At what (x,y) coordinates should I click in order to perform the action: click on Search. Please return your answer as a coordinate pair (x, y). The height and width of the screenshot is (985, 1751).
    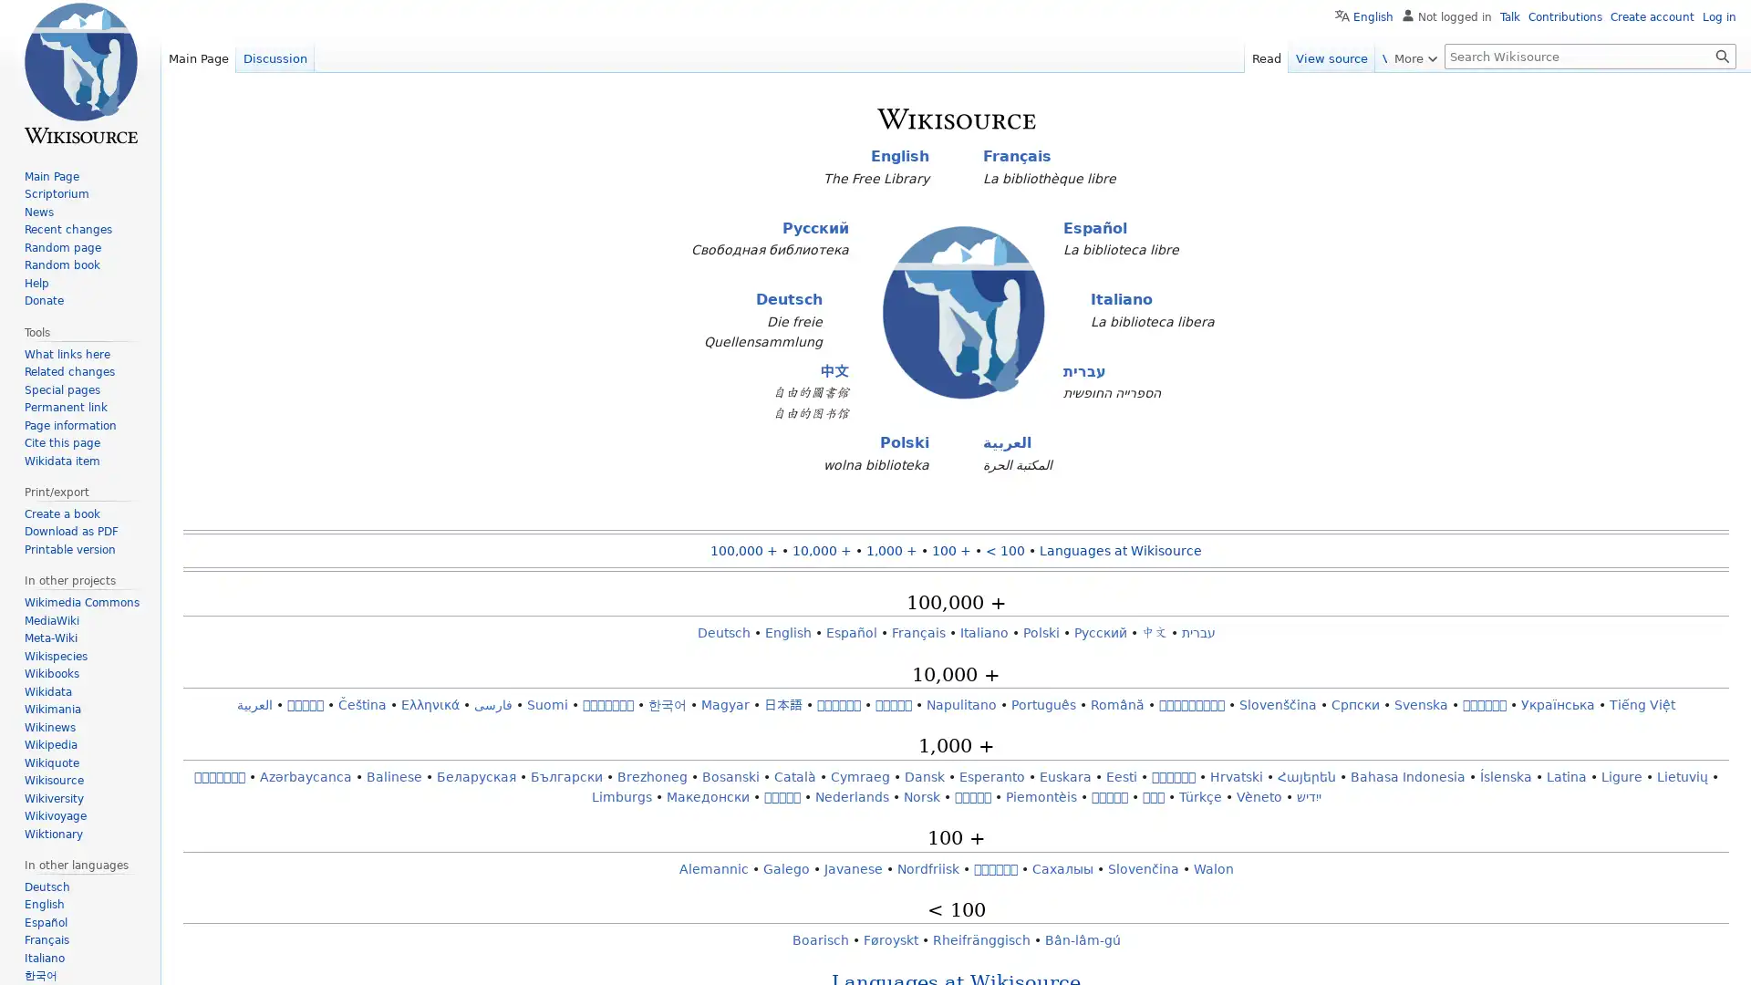
    Looking at the image, I should click on (1722, 55).